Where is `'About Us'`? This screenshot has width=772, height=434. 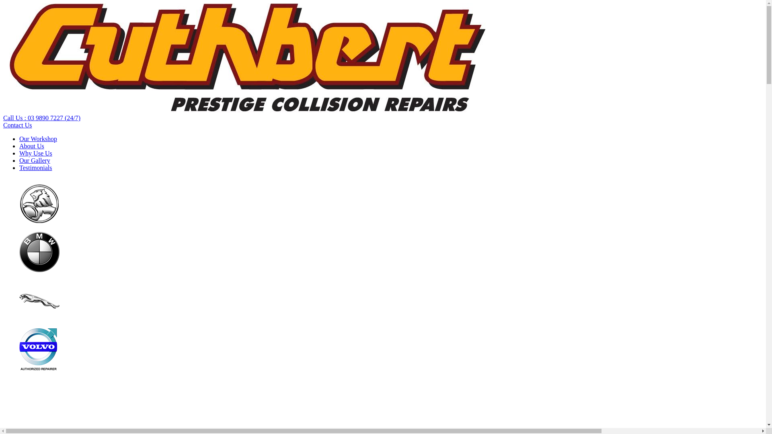 'About Us' is located at coordinates (31, 146).